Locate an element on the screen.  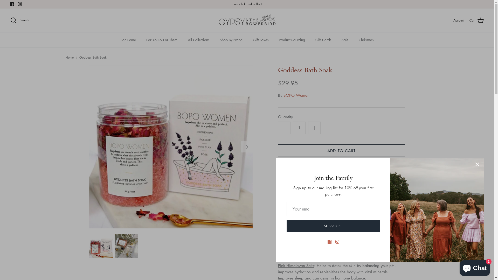
'SUBSCRIBE' is located at coordinates (333, 226).